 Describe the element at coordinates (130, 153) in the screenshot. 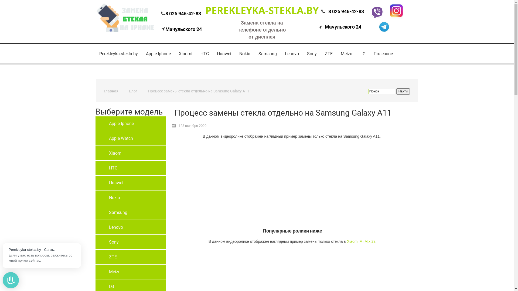

I see `'Xiaomi'` at that location.